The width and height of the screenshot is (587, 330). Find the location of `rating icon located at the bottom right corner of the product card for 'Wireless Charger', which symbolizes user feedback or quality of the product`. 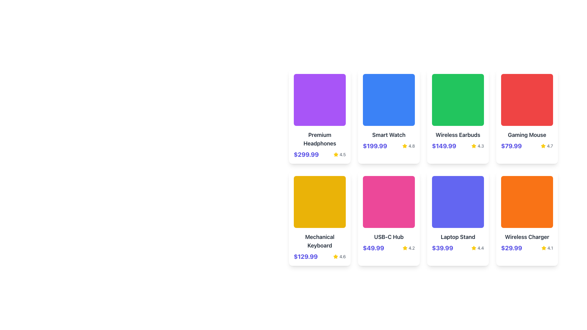

rating icon located at the bottom right corner of the product card for 'Wireless Charger', which symbolizes user feedback or quality of the product is located at coordinates (544, 248).